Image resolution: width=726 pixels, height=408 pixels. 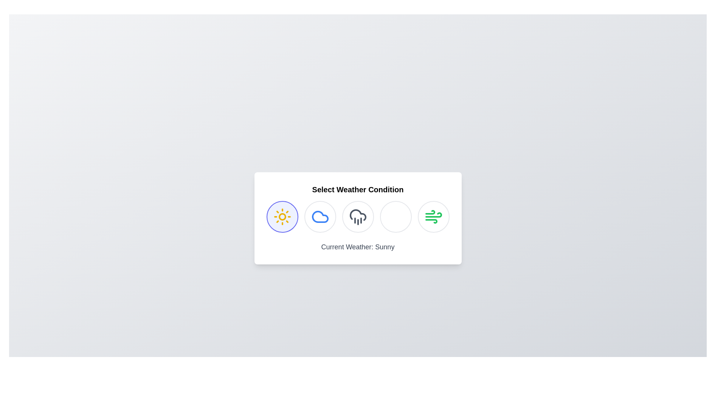 What do you see at coordinates (320, 217) in the screenshot?
I see `the blue cloud icon button` at bounding box center [320, 217].